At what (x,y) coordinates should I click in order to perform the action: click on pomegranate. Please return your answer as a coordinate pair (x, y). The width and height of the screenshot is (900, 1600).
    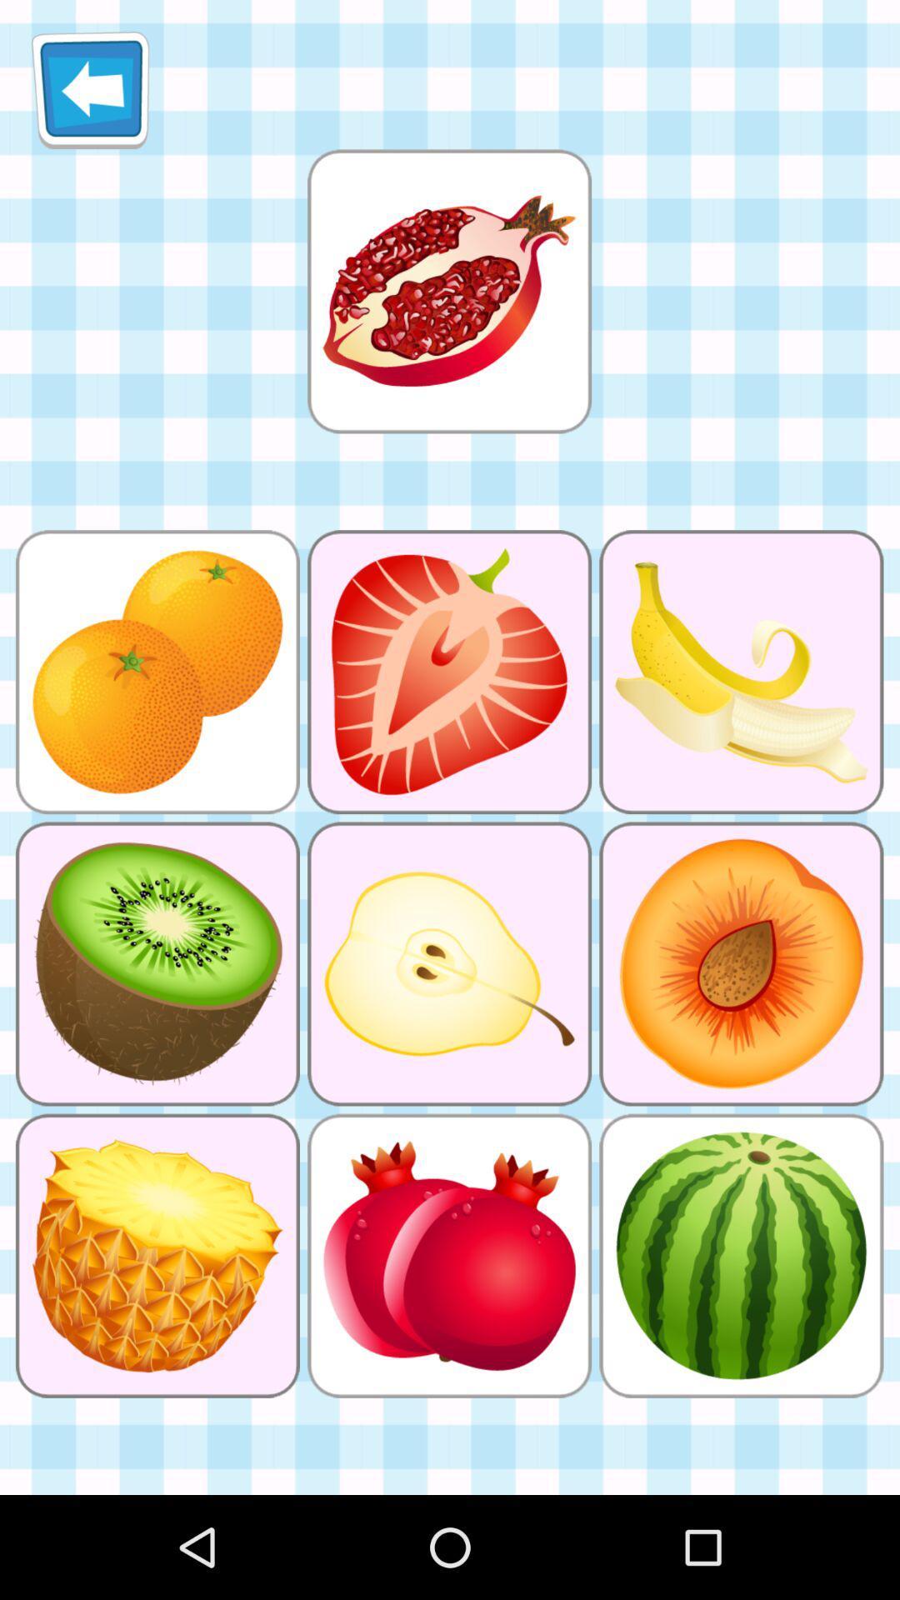
    Looking at the image, I should click on (448, 291).